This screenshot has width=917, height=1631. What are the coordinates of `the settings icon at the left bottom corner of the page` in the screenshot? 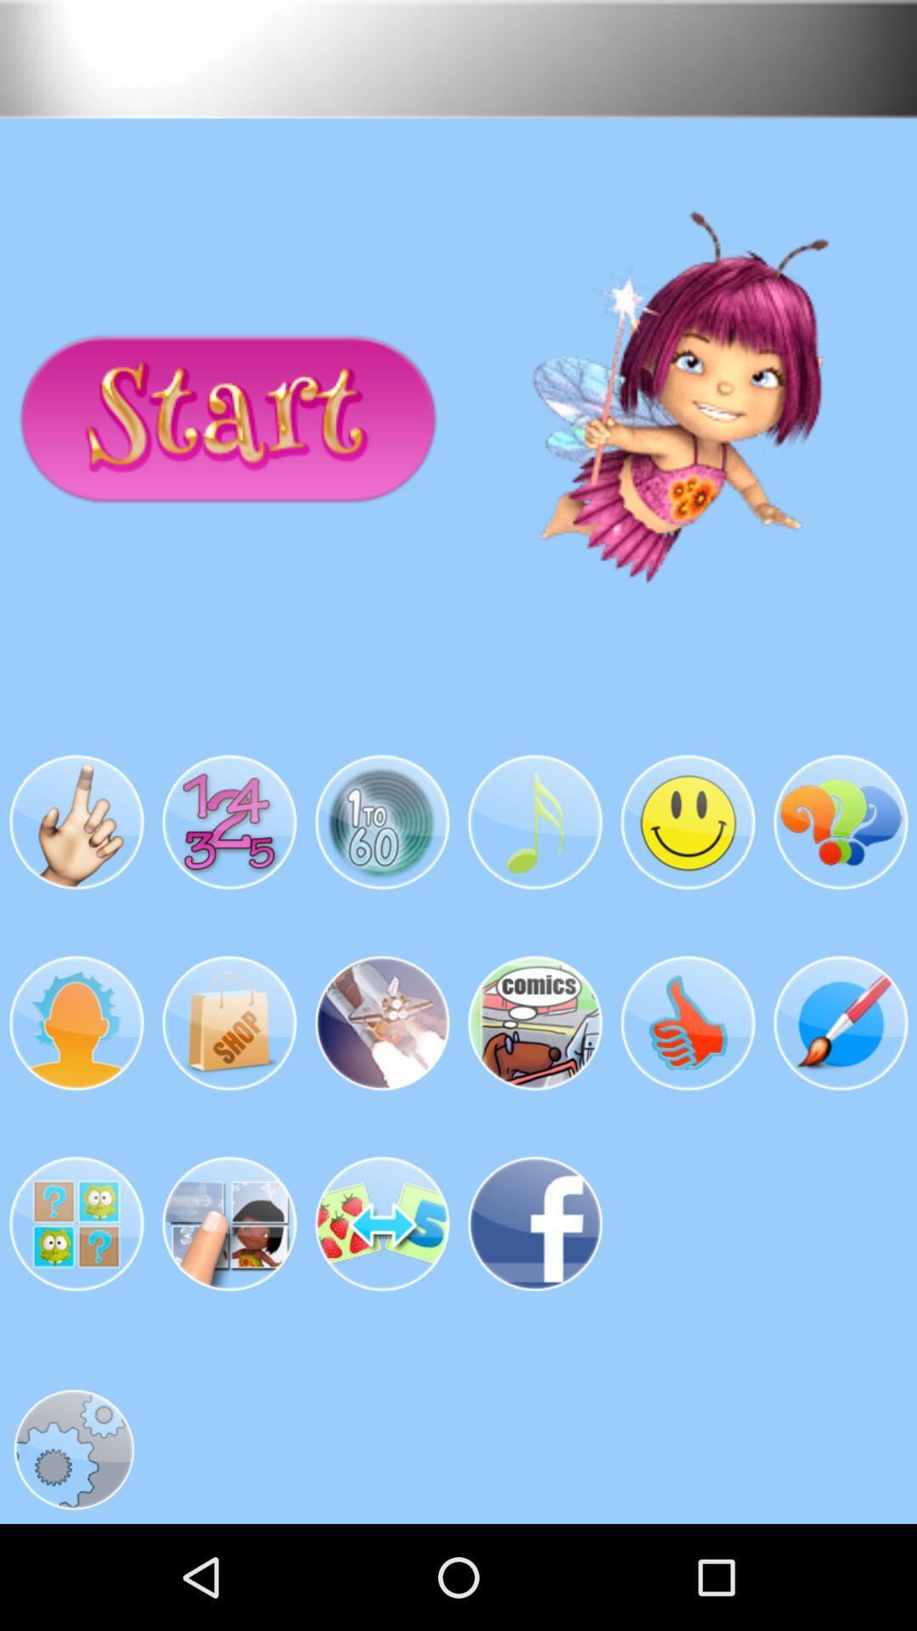 It's located at (73, 1449).